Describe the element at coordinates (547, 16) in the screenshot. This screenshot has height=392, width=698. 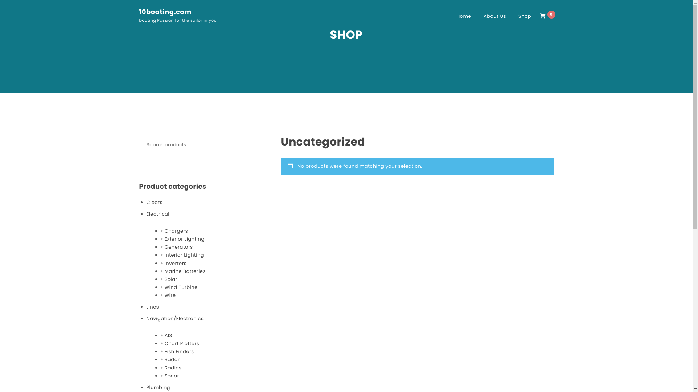
I see `'0'` at that location.